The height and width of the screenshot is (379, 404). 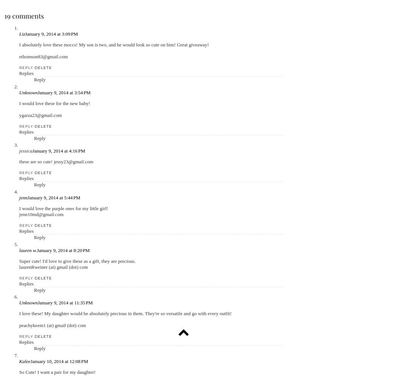 I want to click on '19 comments', so click(x=23, y=16).